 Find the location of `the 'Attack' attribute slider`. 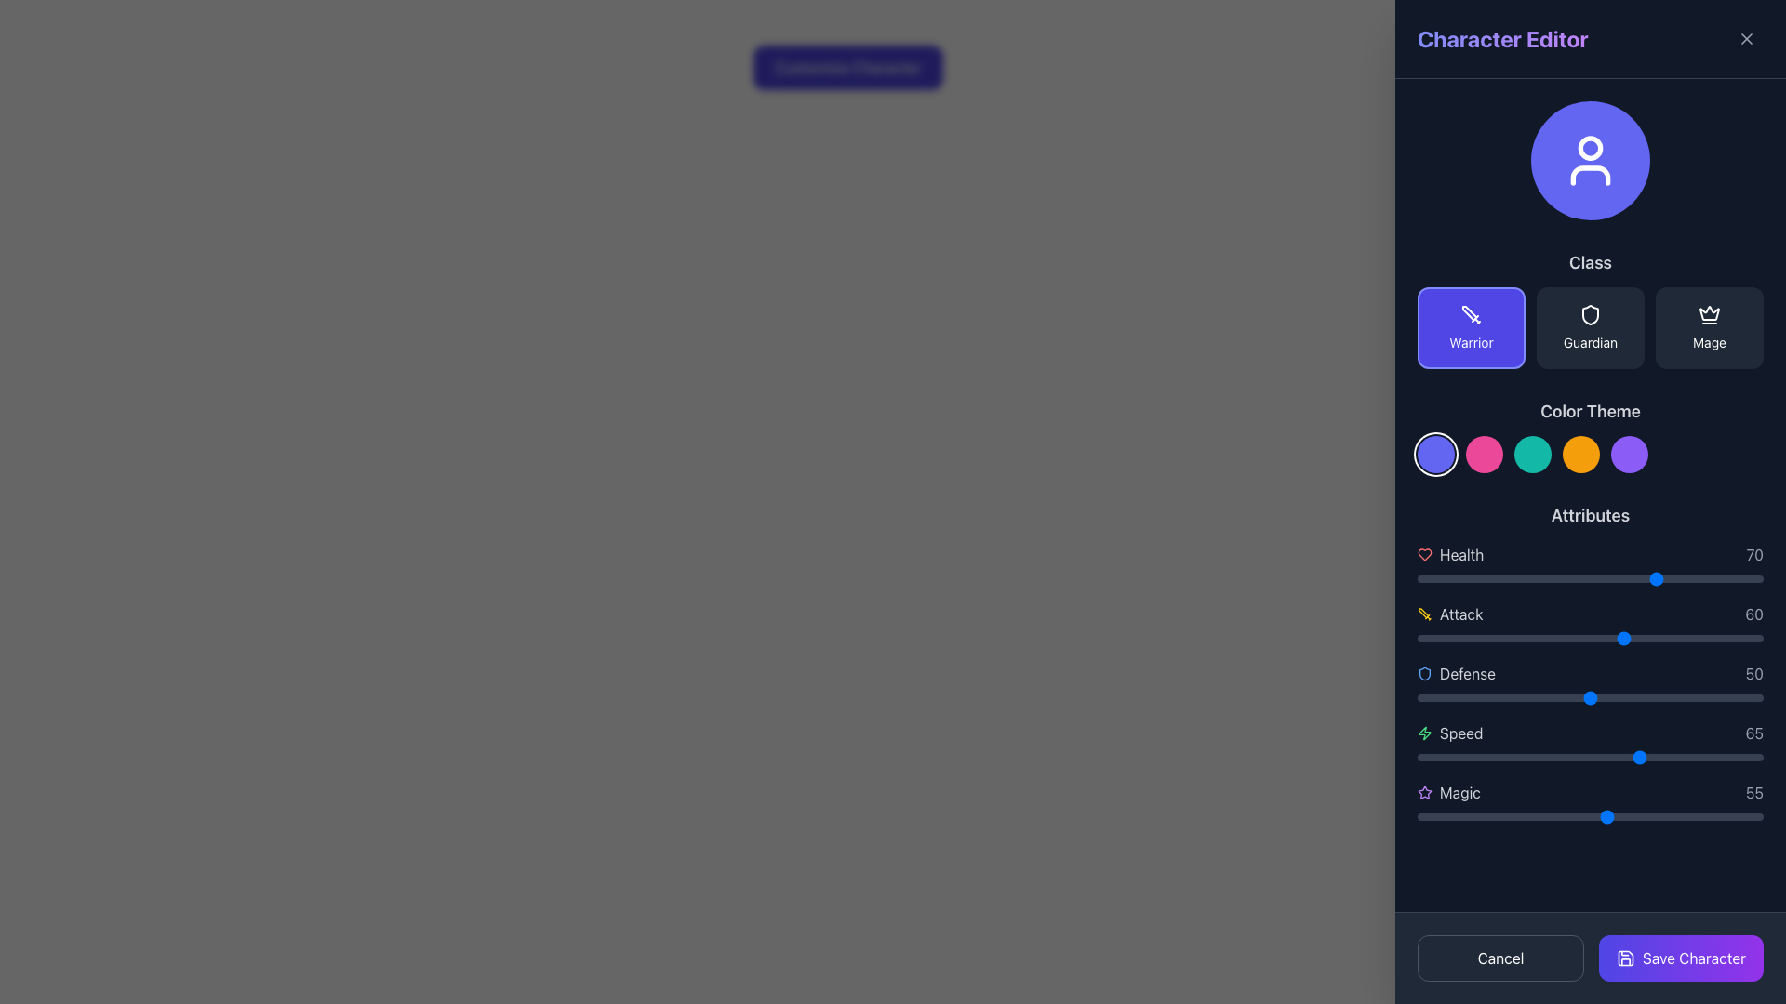

the 'Attack' attribute slider is located at coordinates (1472, 637).